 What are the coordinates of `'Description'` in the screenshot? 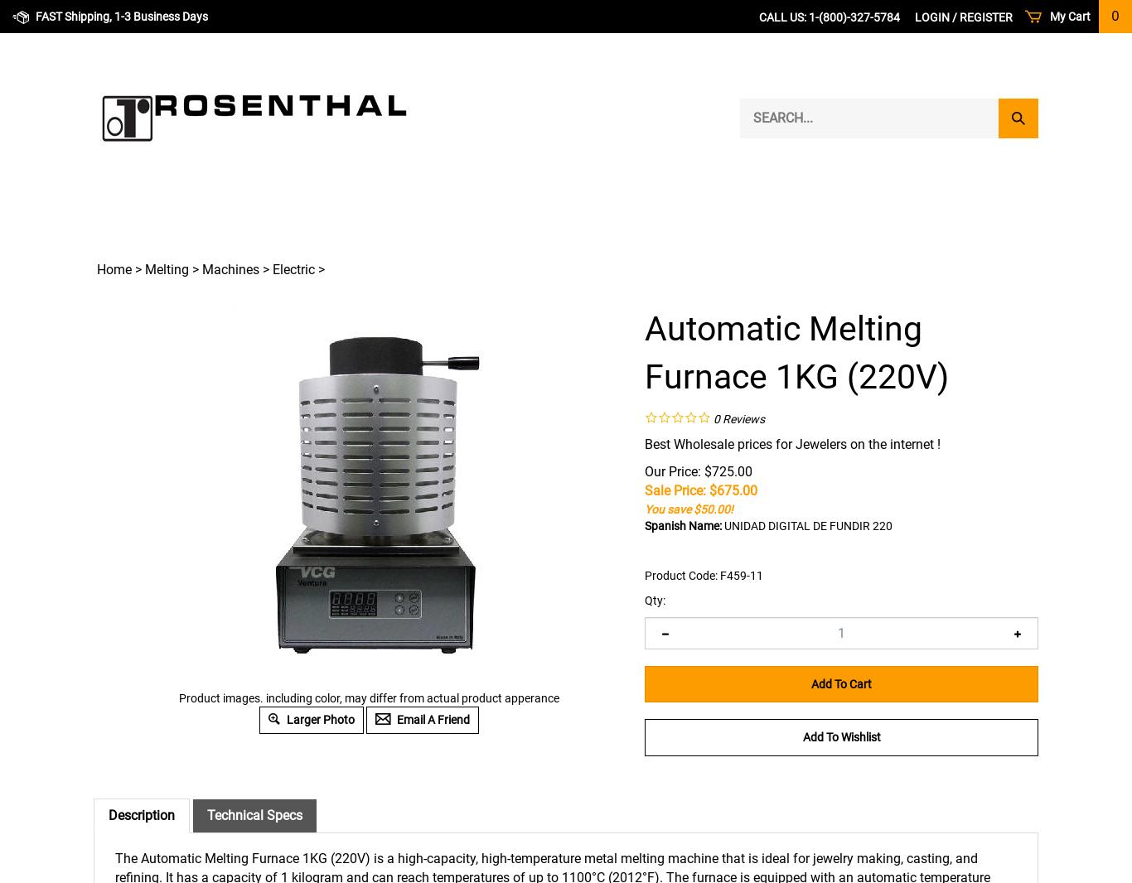 It's located at (141, 815).